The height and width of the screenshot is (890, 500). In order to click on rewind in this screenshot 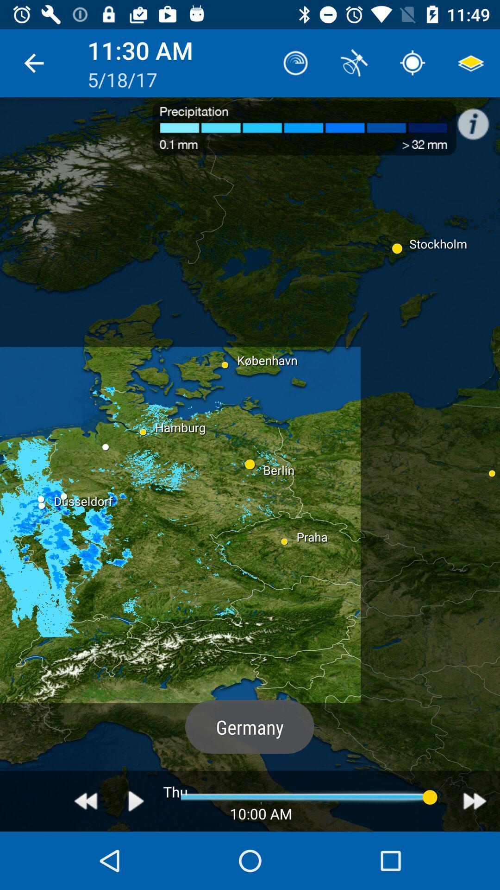, I will do `click(86, 801)`.